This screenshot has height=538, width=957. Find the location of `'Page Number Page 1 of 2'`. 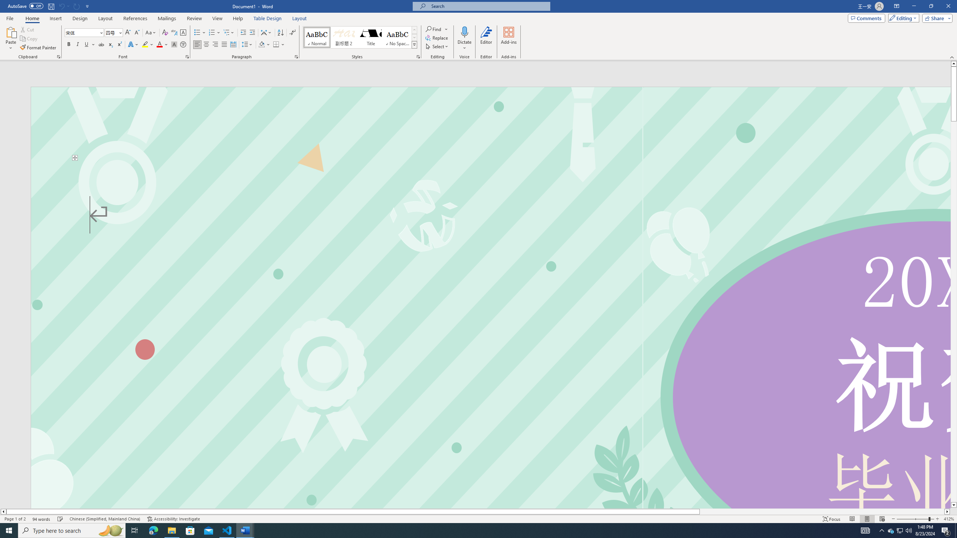

'Page Number Page 1 of 2' is located at coordinates (15, 519).